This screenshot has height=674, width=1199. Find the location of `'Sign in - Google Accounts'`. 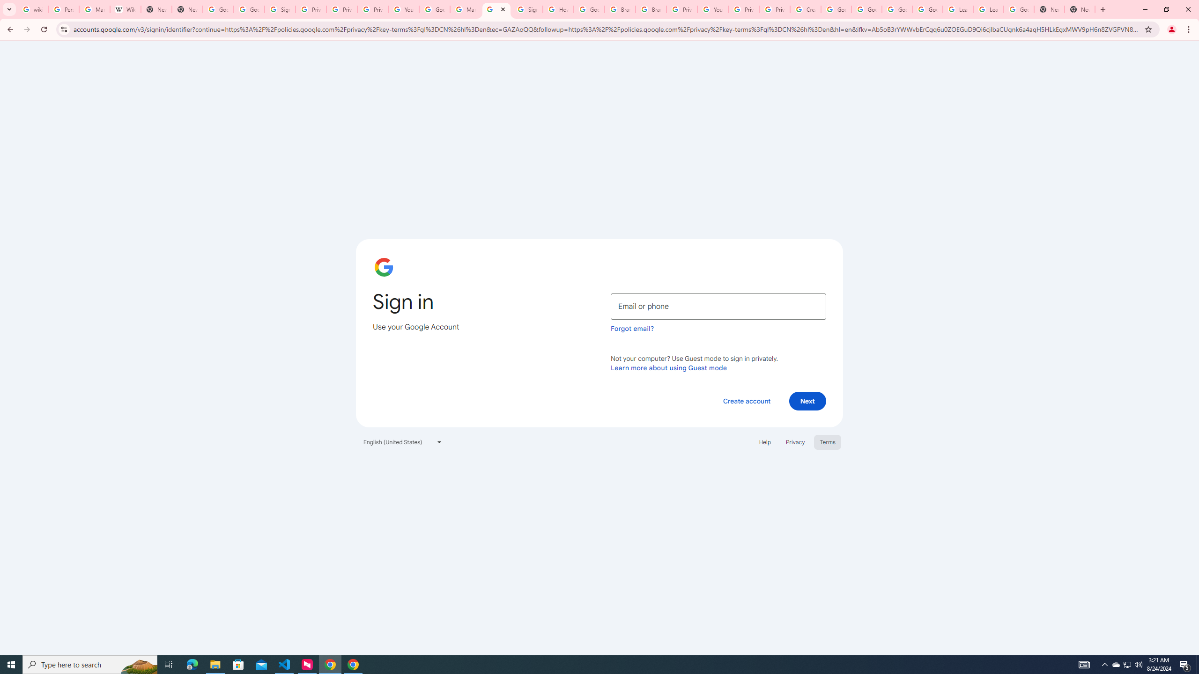

'Sign in - Google Accounts' is located at coordinates (527, 9).